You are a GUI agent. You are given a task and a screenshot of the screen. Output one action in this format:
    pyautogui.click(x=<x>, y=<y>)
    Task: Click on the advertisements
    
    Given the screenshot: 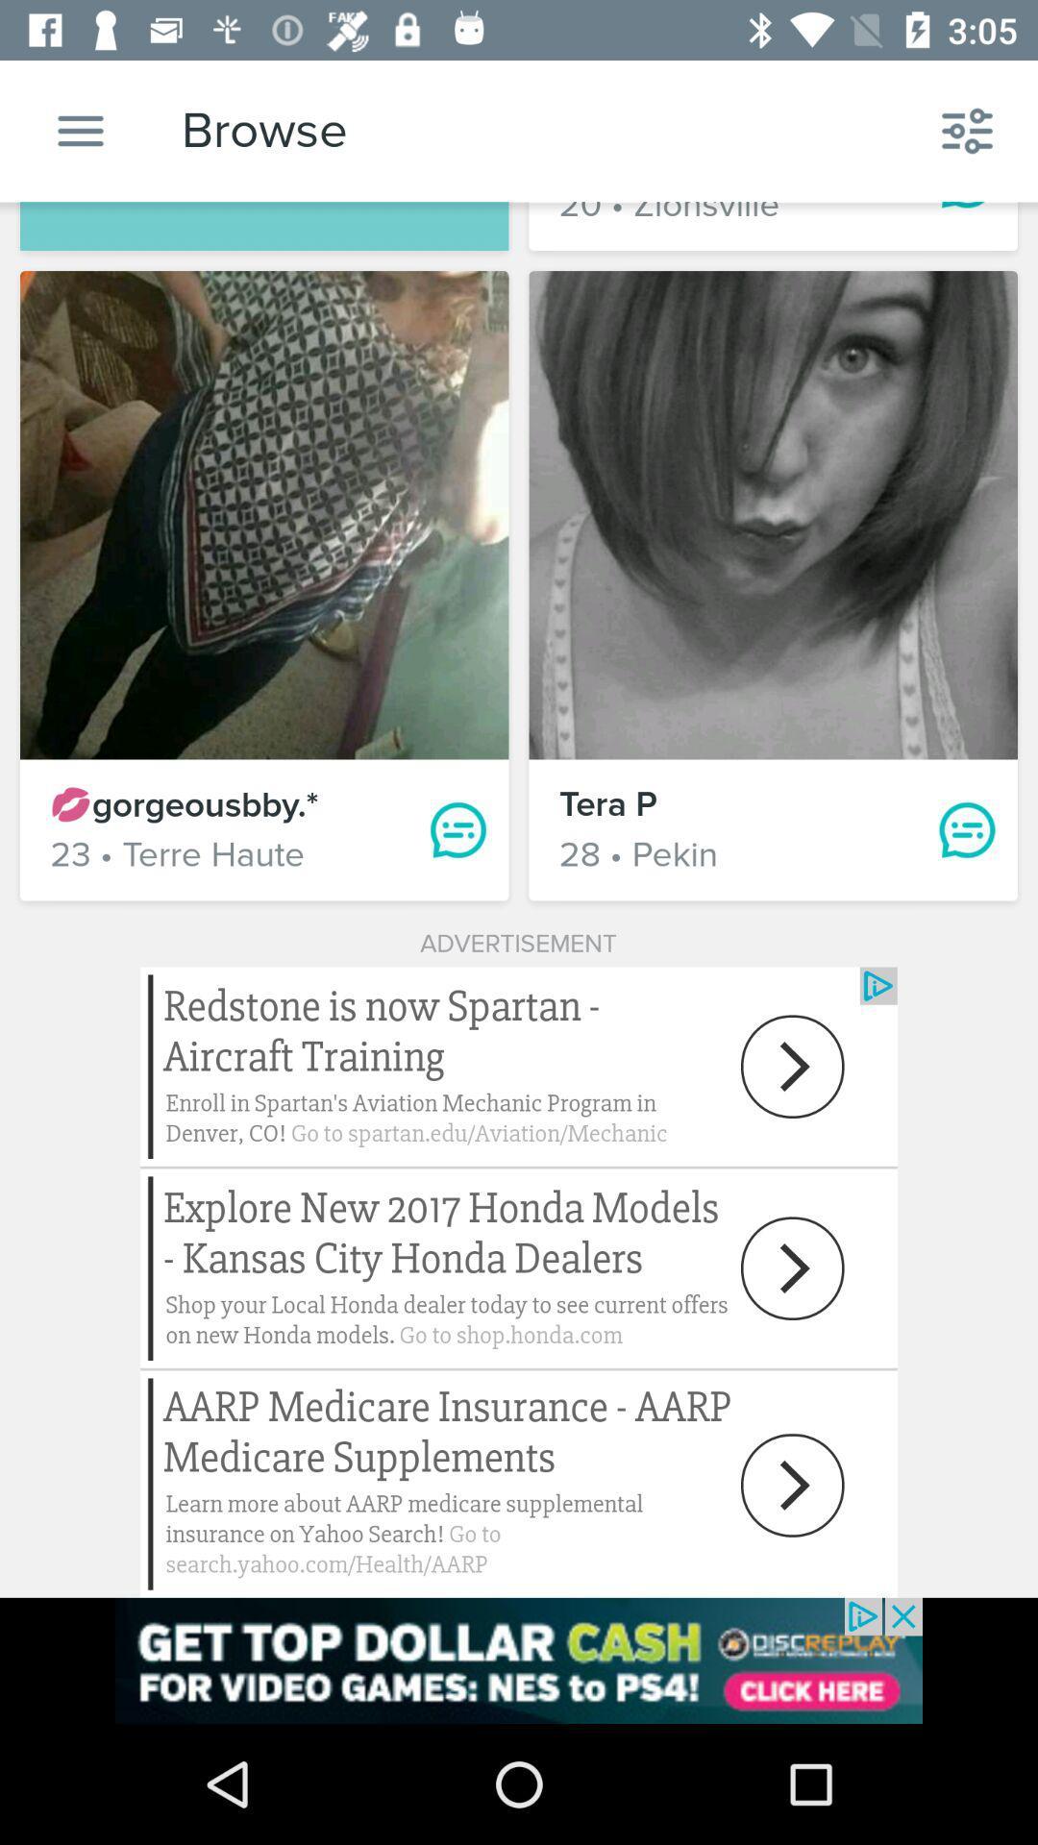 What is the action you would take?
    pyautogui.click(x=519, y=1660)
    